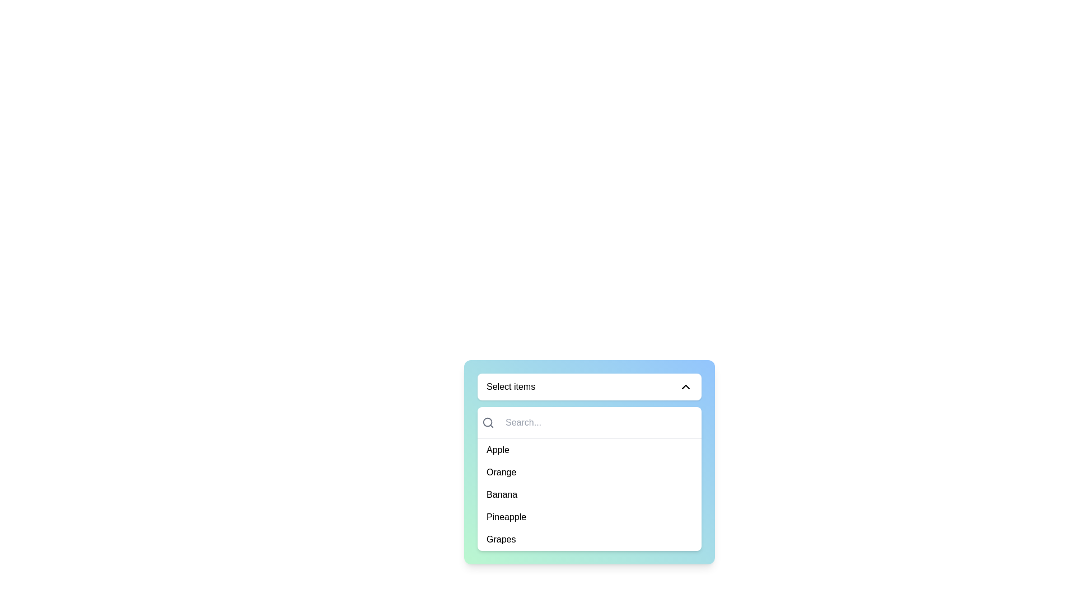 This screenshot has height=604, width=1075. I want to click on the selectable menu item labeled 'Grapes' in the dropdown menu, so click(588, 539).